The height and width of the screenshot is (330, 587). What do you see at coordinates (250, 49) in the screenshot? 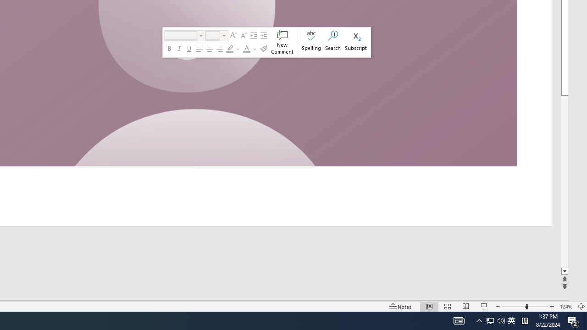
I see `'Font Color'` at bounding box center [250, 49].